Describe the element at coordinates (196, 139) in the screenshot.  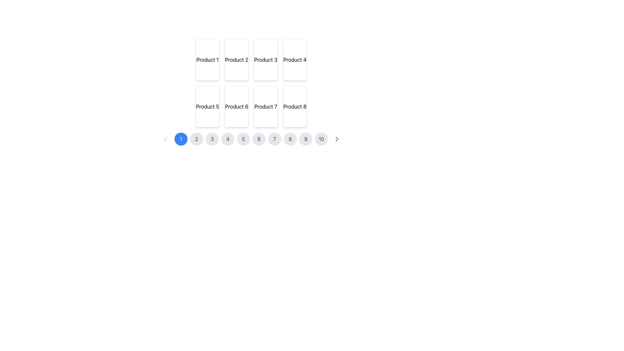
I see `the second pagination button located at the bottom of the interface` at that location.